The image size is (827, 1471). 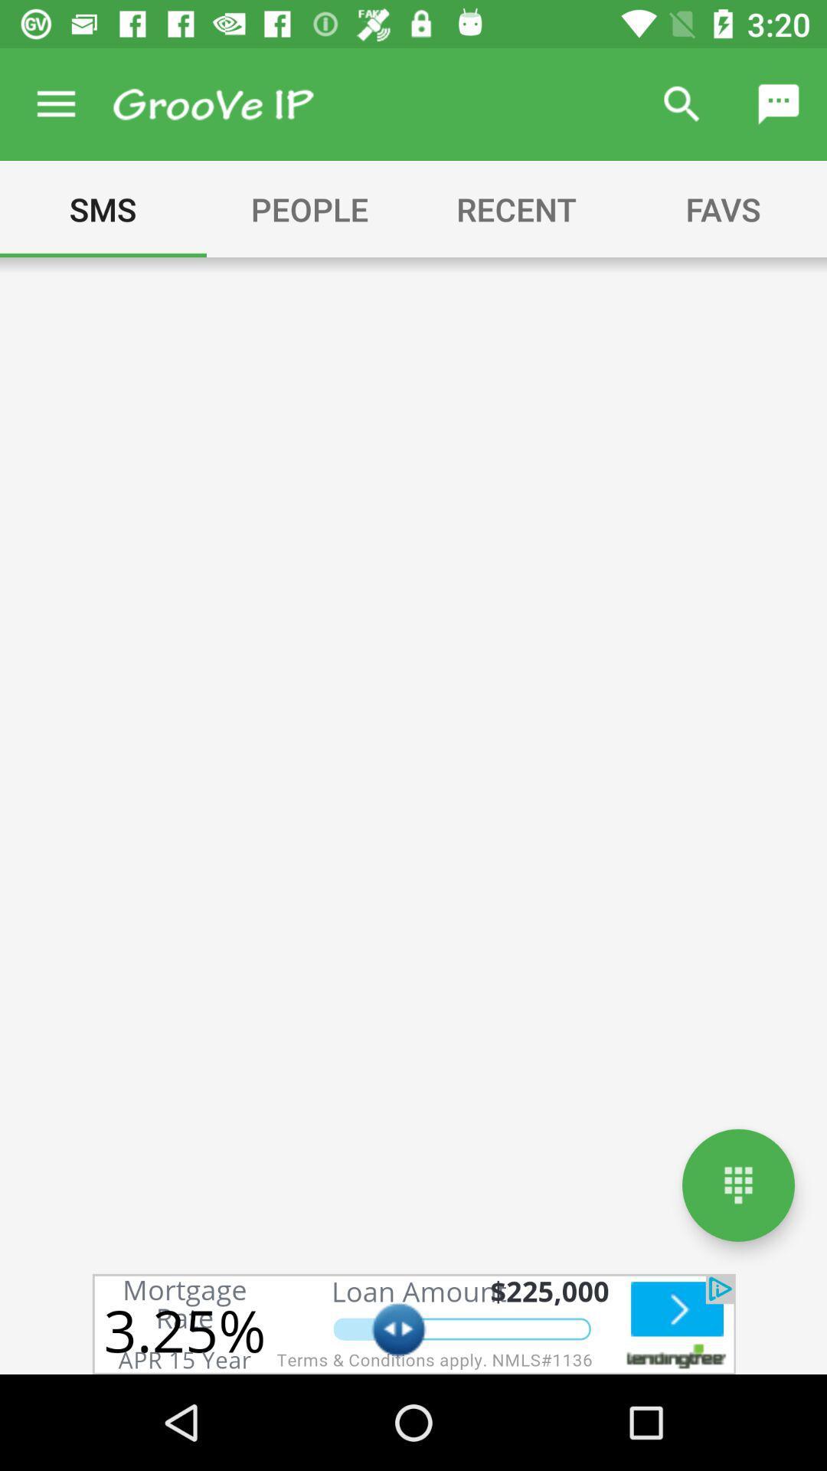 I want to click on groove ip, so click(x=213, y=103).